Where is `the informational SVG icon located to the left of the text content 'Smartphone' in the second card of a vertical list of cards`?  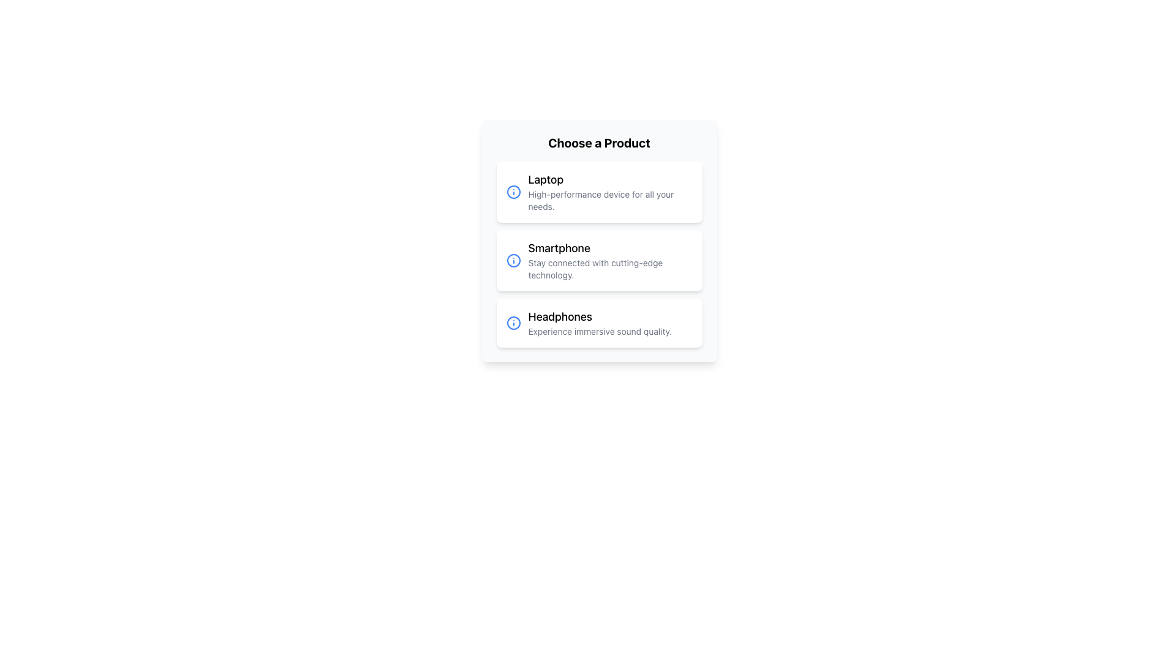 the informational SVG icon located to the left of the text content 'Smartphone' in the second card of a vertical list of cards is located at coordinates (513, 260).